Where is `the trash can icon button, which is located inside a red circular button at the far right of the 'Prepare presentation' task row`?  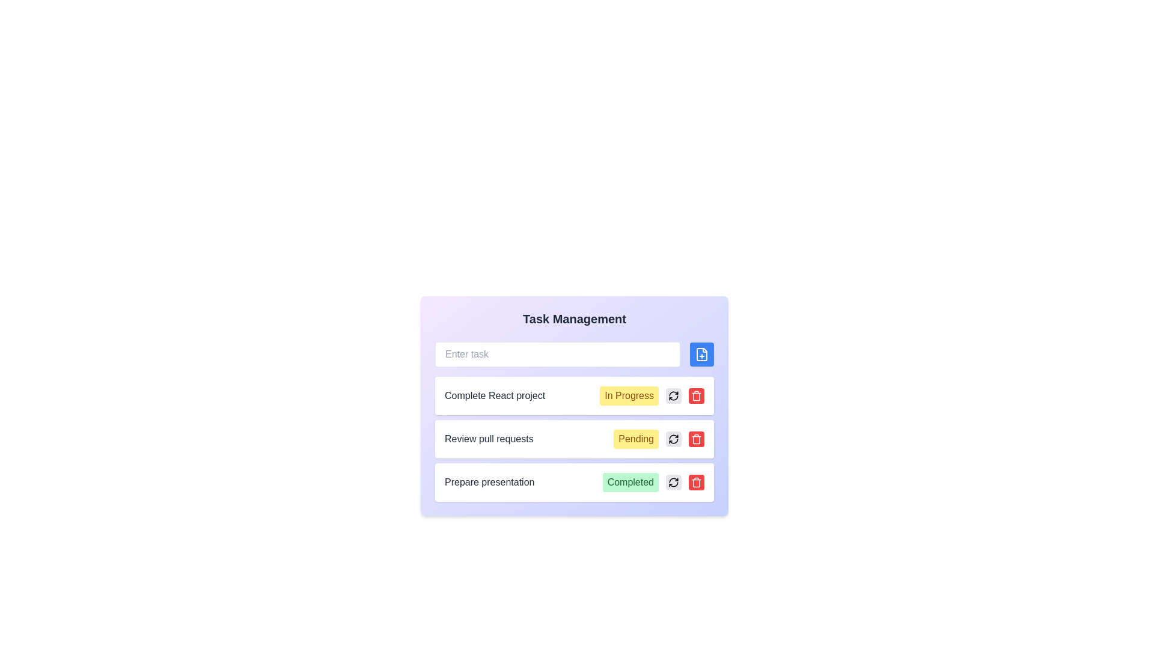
the trash can icon button, which is located inside a red circular button at the far right of the 'Prepare presentation' task row is located at coordinates (696, 481).